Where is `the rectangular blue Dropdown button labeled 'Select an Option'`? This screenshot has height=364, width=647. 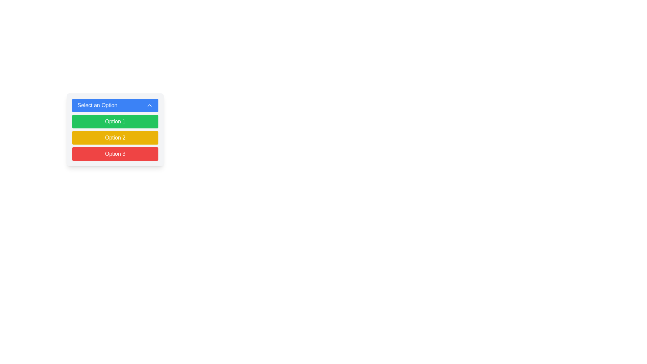 the rectangular blue Dropdown button labeled 'Select an Option' is located at coordinates (115, 105).